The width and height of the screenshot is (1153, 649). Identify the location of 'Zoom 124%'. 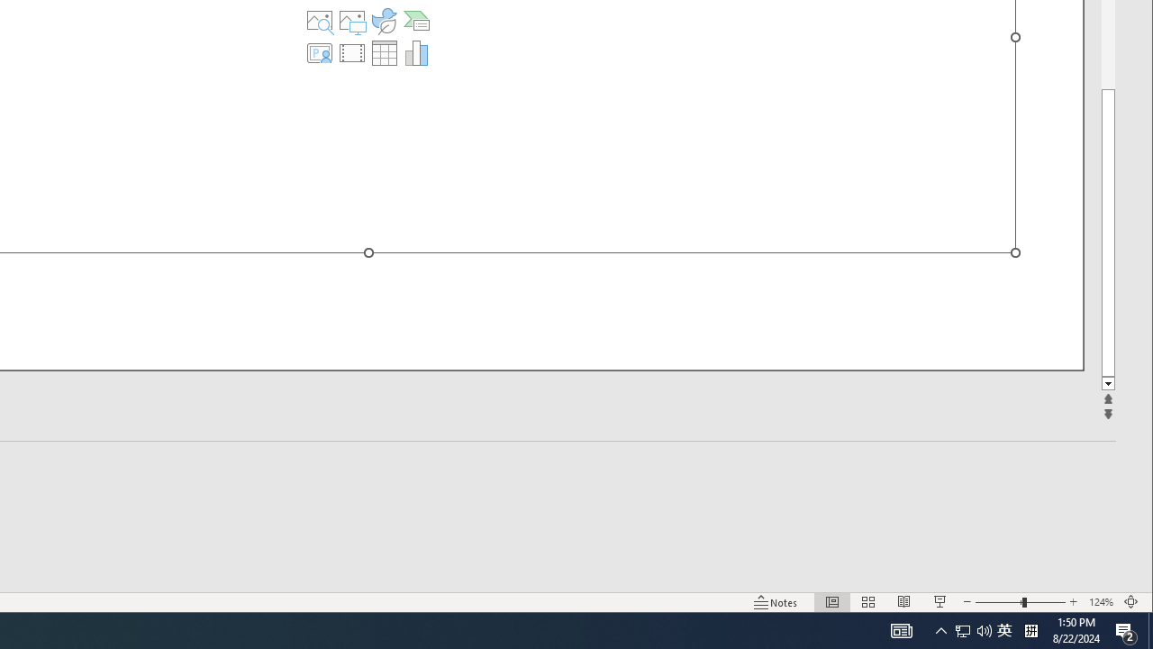
(1100, 602).